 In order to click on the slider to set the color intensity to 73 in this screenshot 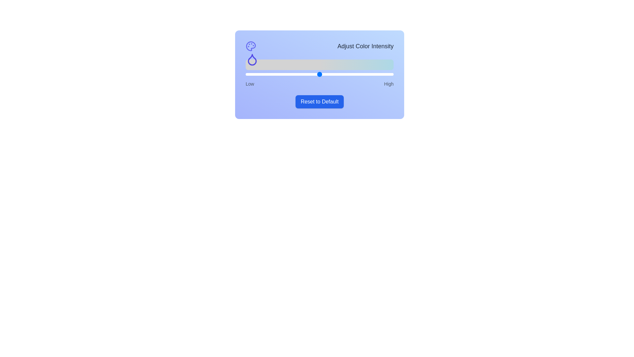, I will do `click(353, 74)`.